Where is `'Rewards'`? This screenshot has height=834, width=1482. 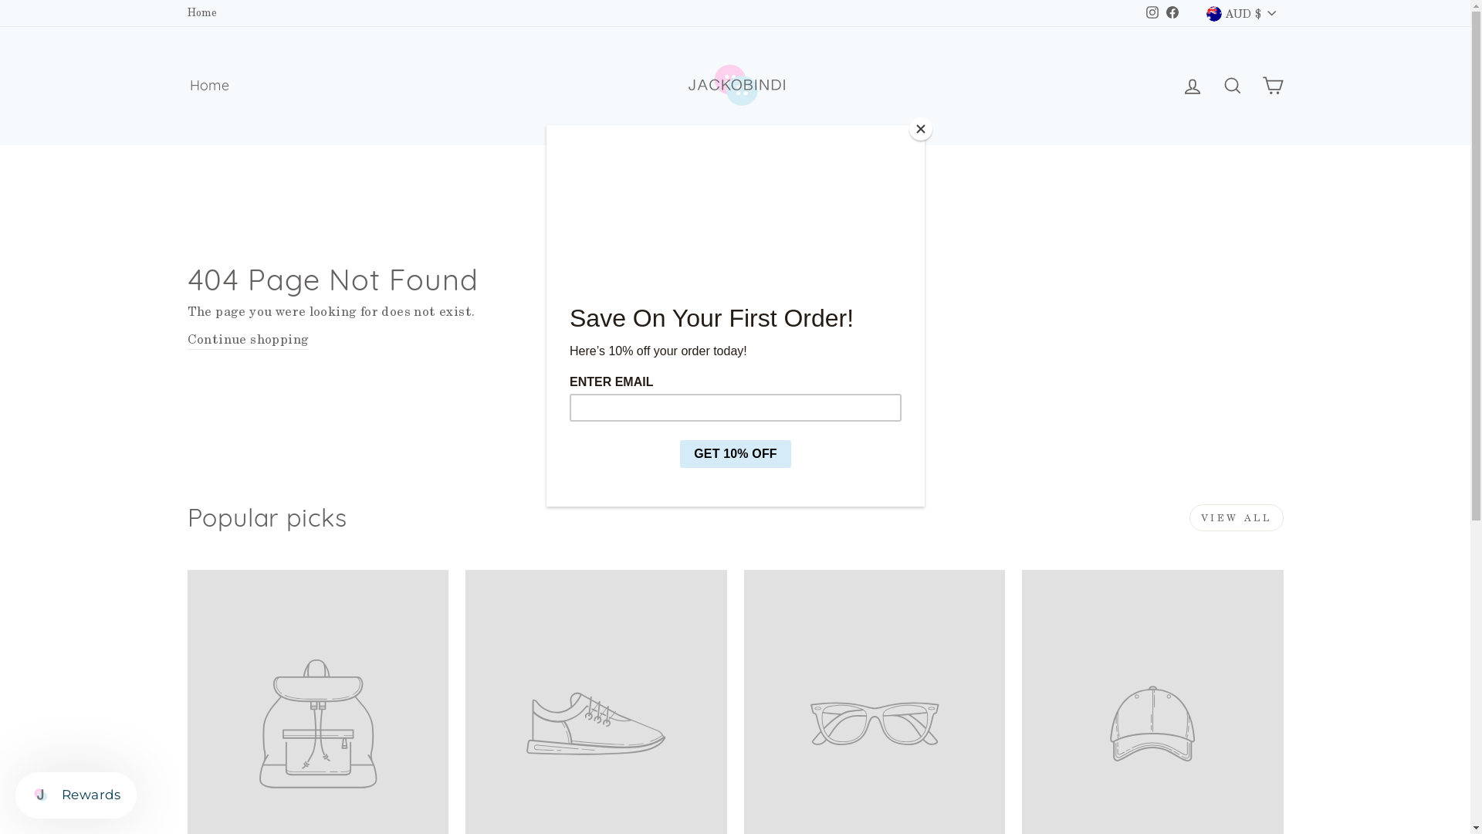 'Rewards' is located at coordinates (75, 795).